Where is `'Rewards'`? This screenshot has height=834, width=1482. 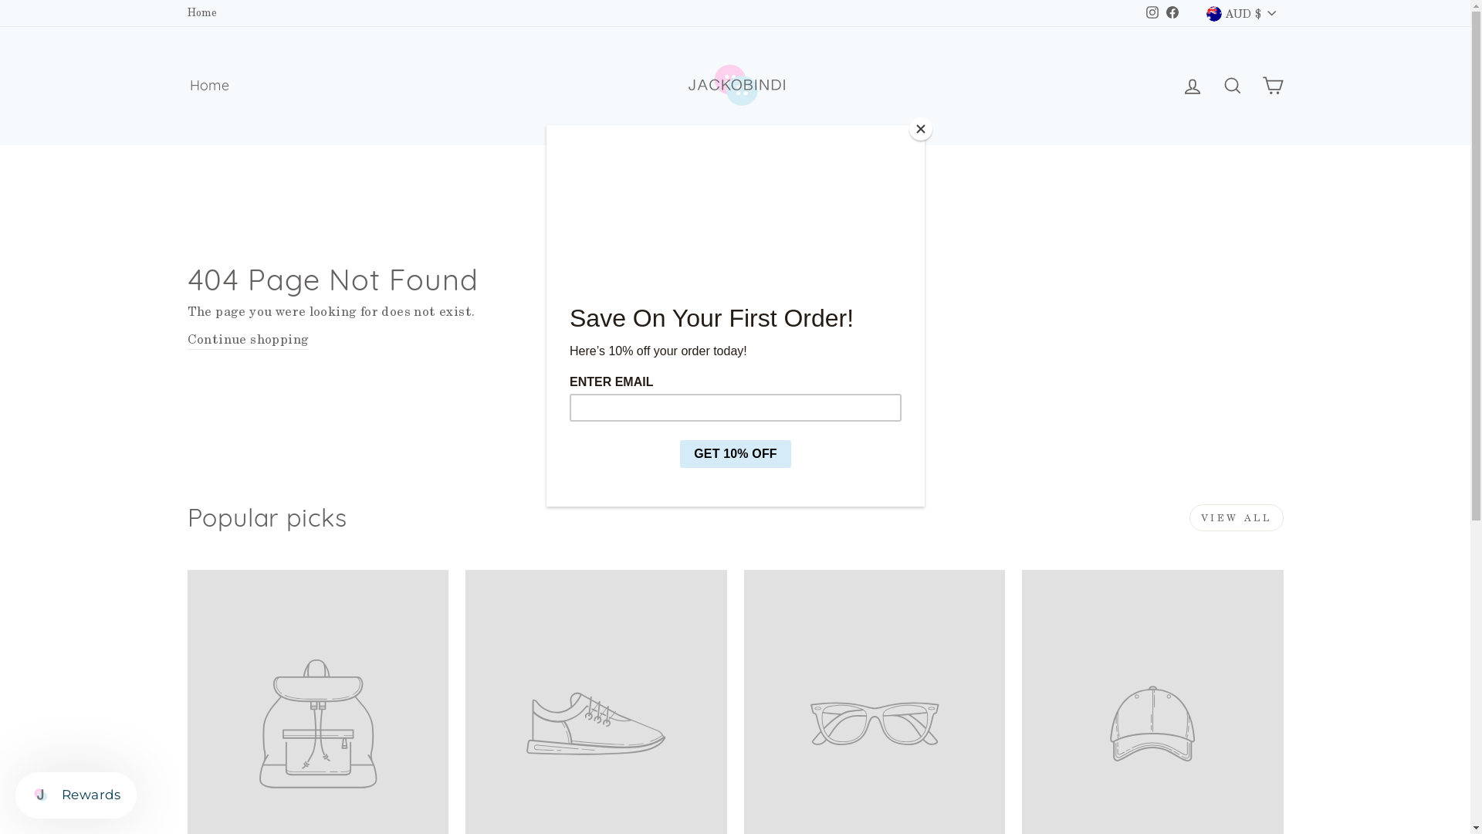 'Rewards' is located at coordinates (75, 795).